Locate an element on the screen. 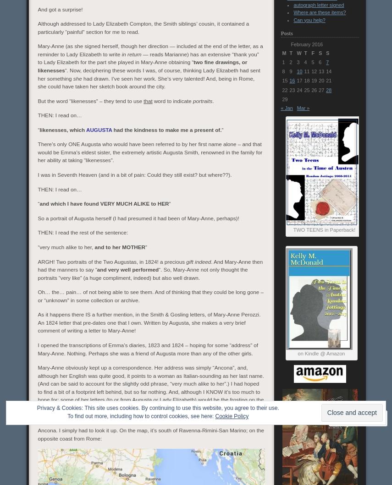 Image resolution: width=392 pixels, height=485 pixels. 'But the word “likenesses” – they tend to use' is located at coordinates (90, 100).